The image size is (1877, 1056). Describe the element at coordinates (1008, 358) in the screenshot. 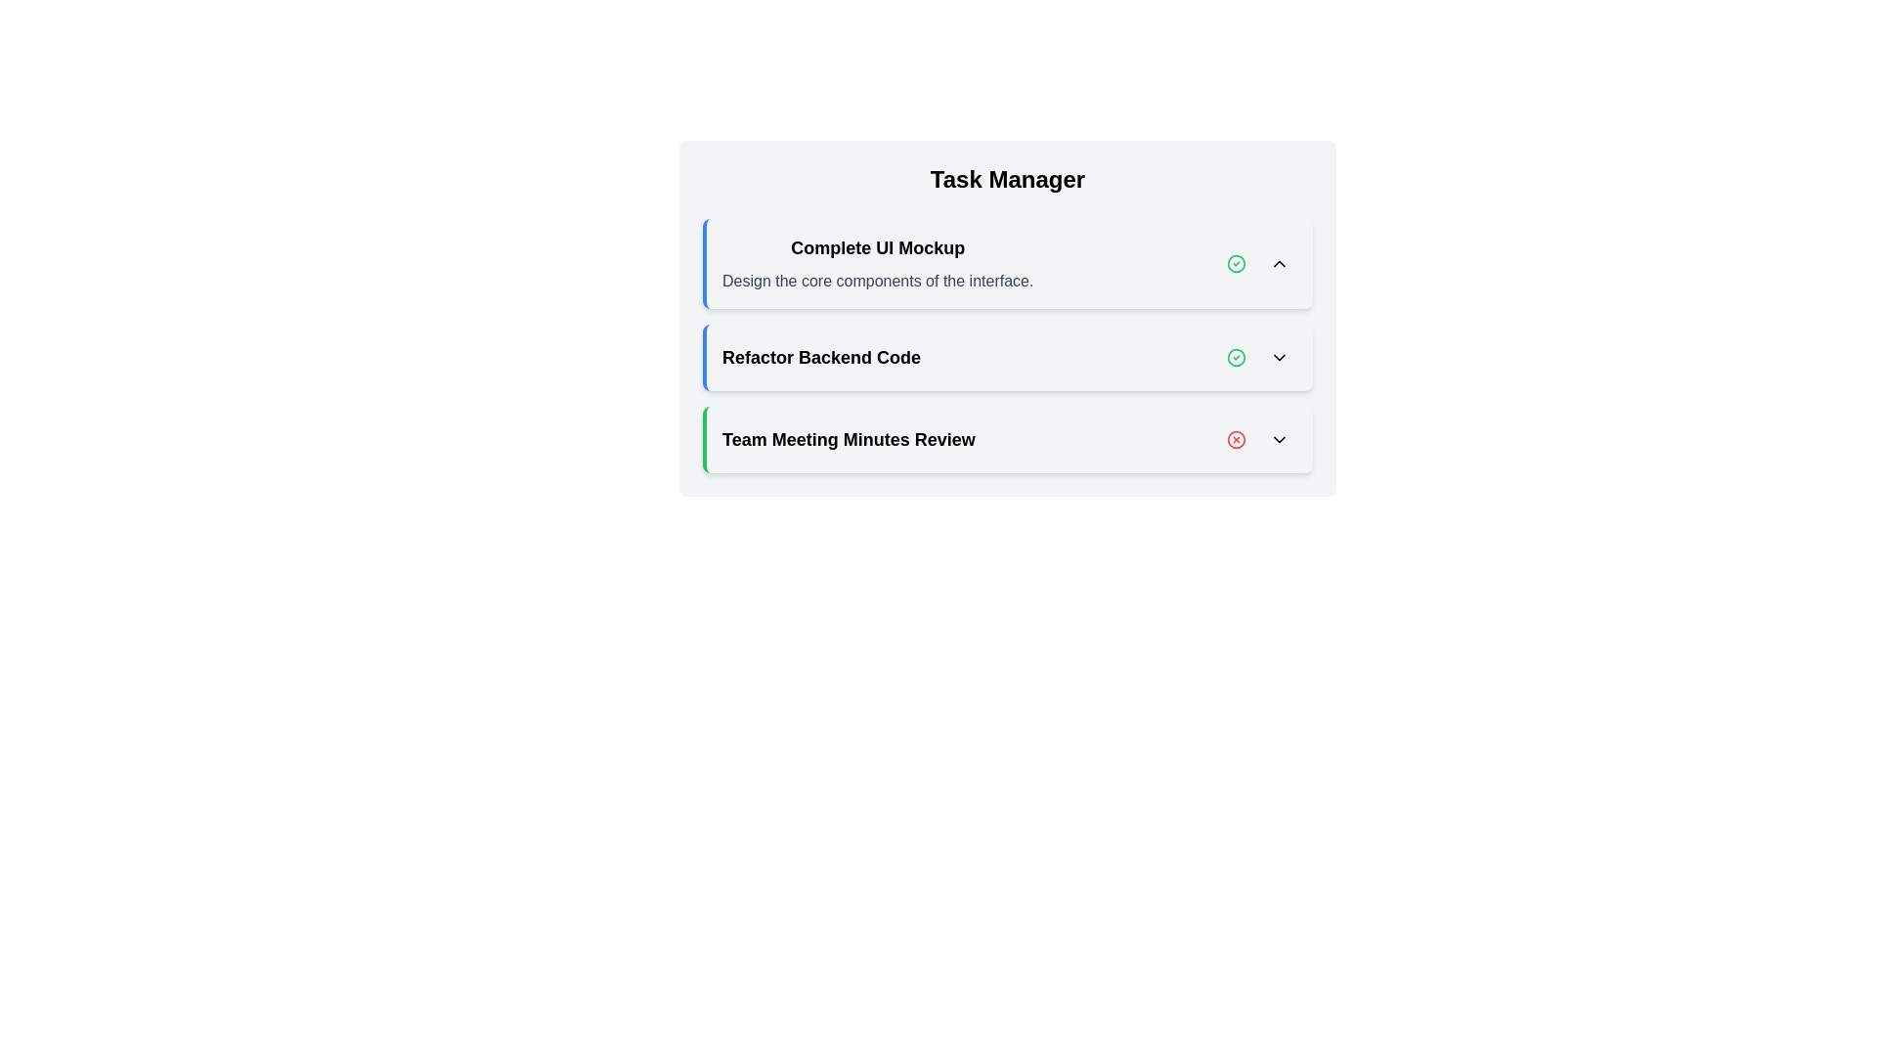

I see `the list item with the bold black text 'Refactor Backend Code' for keyboard navigation` at that location.